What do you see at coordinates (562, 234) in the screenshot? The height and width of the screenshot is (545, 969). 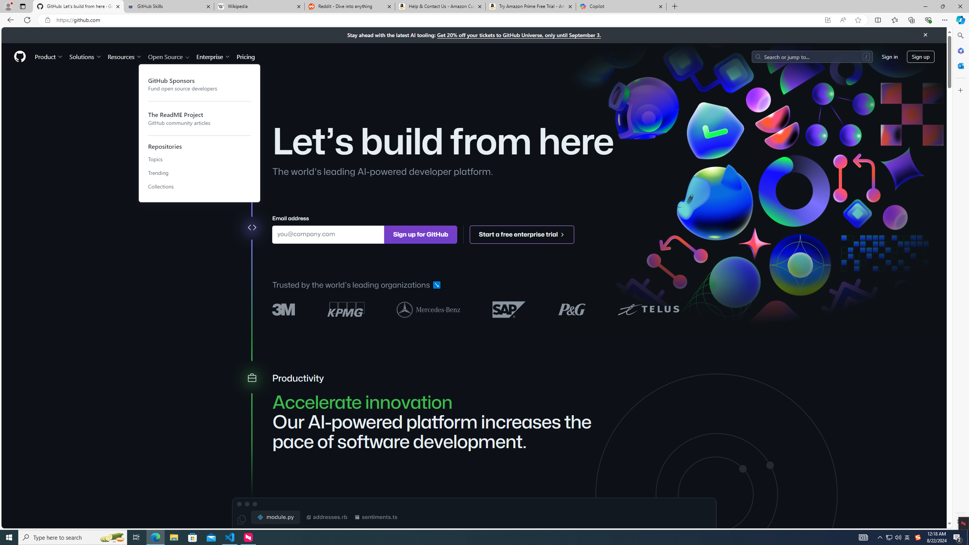 I see `'Class: octicon arrow-symbol-mktg'` at bounding box center [562, 234].